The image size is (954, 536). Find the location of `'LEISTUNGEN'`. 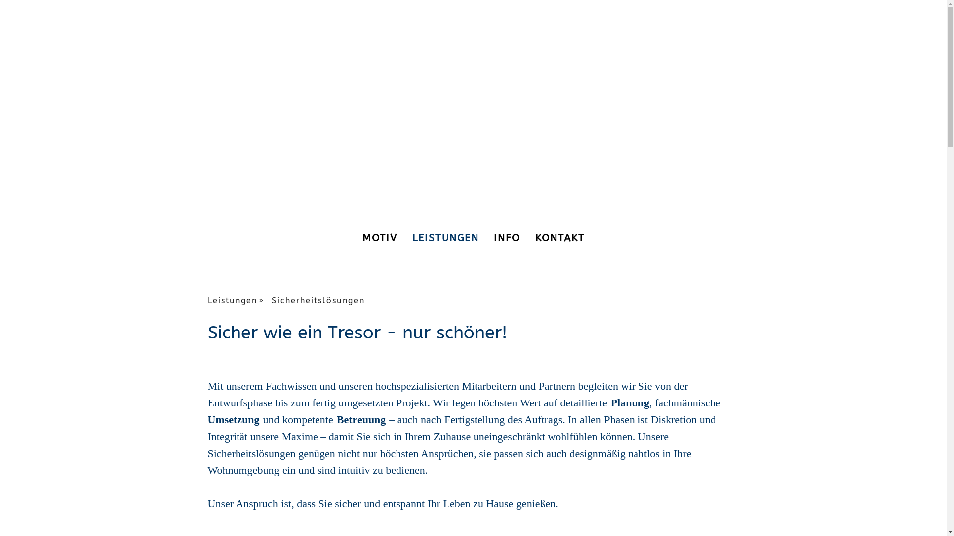

'LEISTUNGEN' is located at coordinates (445, 238).